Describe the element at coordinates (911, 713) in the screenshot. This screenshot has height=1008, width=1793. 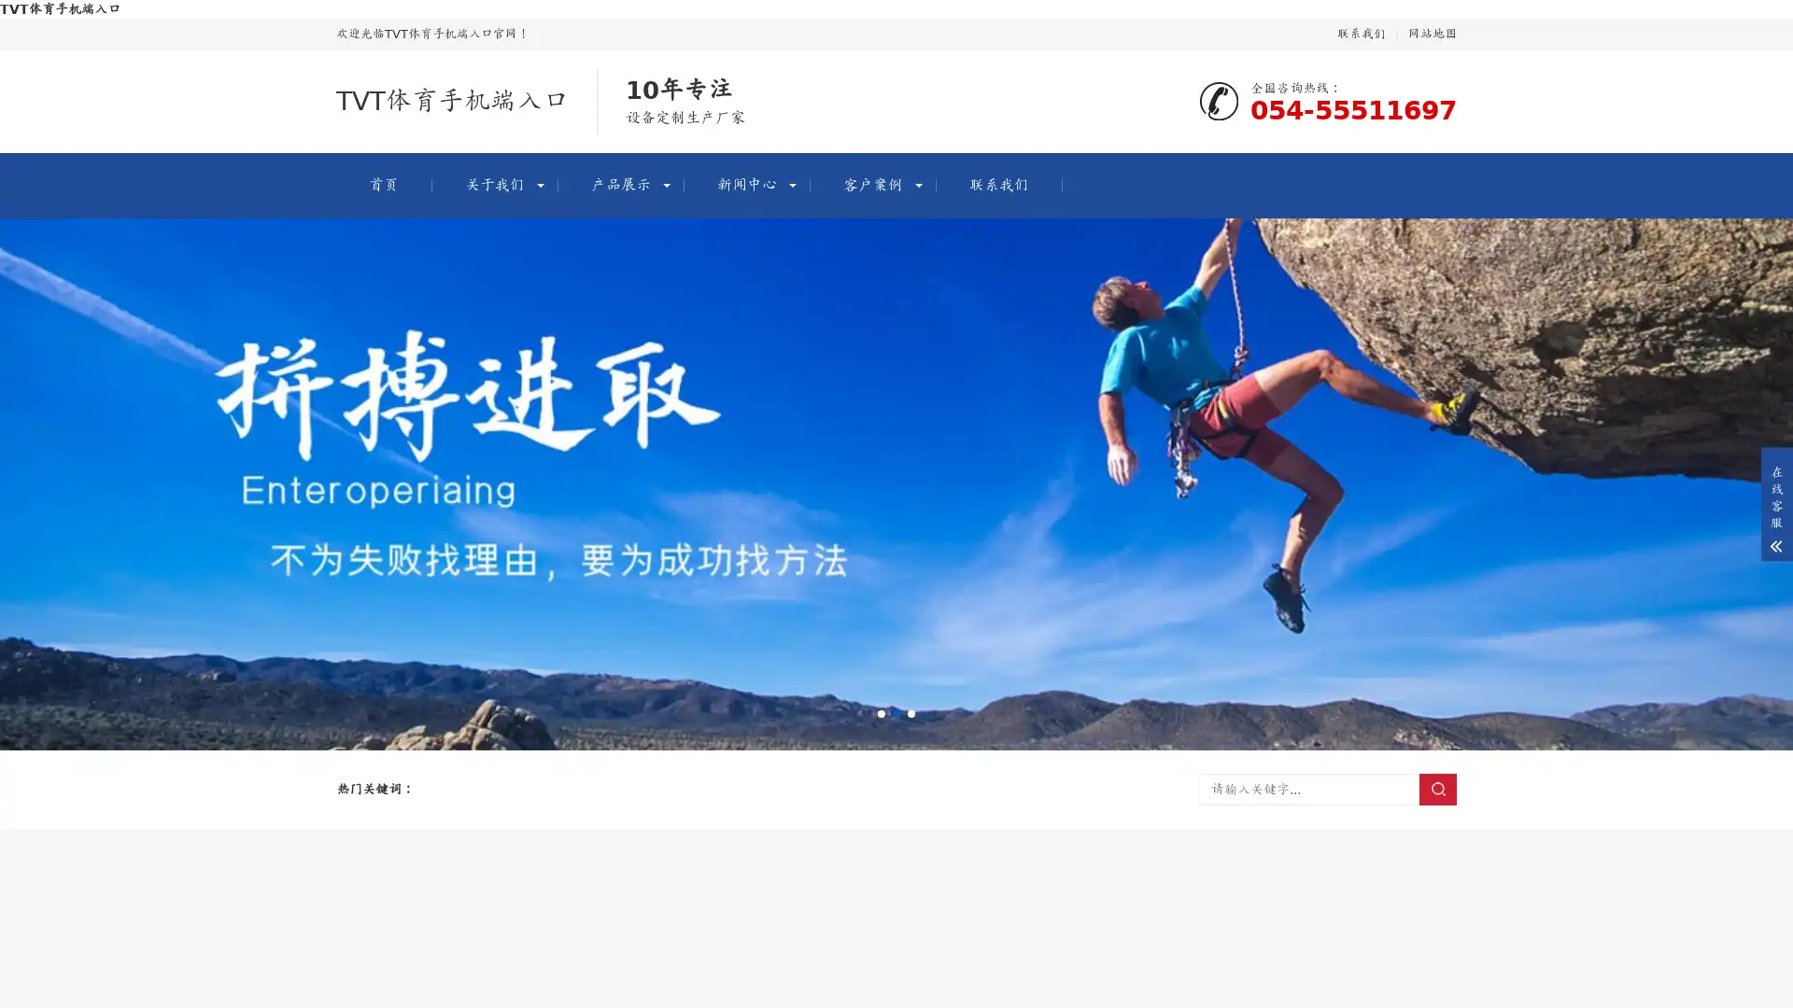
I see `Go to slide 3` at that location.